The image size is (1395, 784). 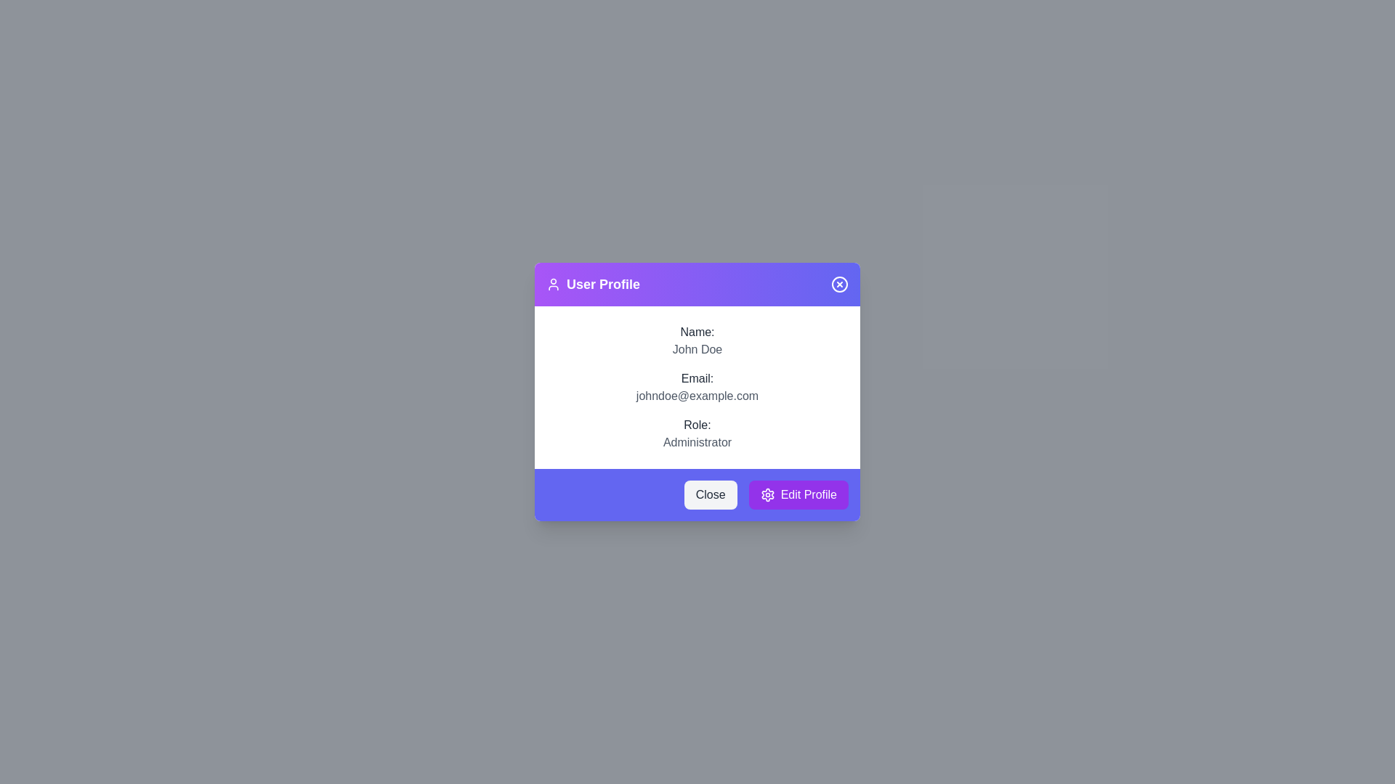 What do you see at coordinates (697, 396) in the screenshot?
I see `the text label displaying 'johndoe@example.com', which is styled in gray and located below the 'Email:' label in the user profile dialog` at bounding box center [697, 396].